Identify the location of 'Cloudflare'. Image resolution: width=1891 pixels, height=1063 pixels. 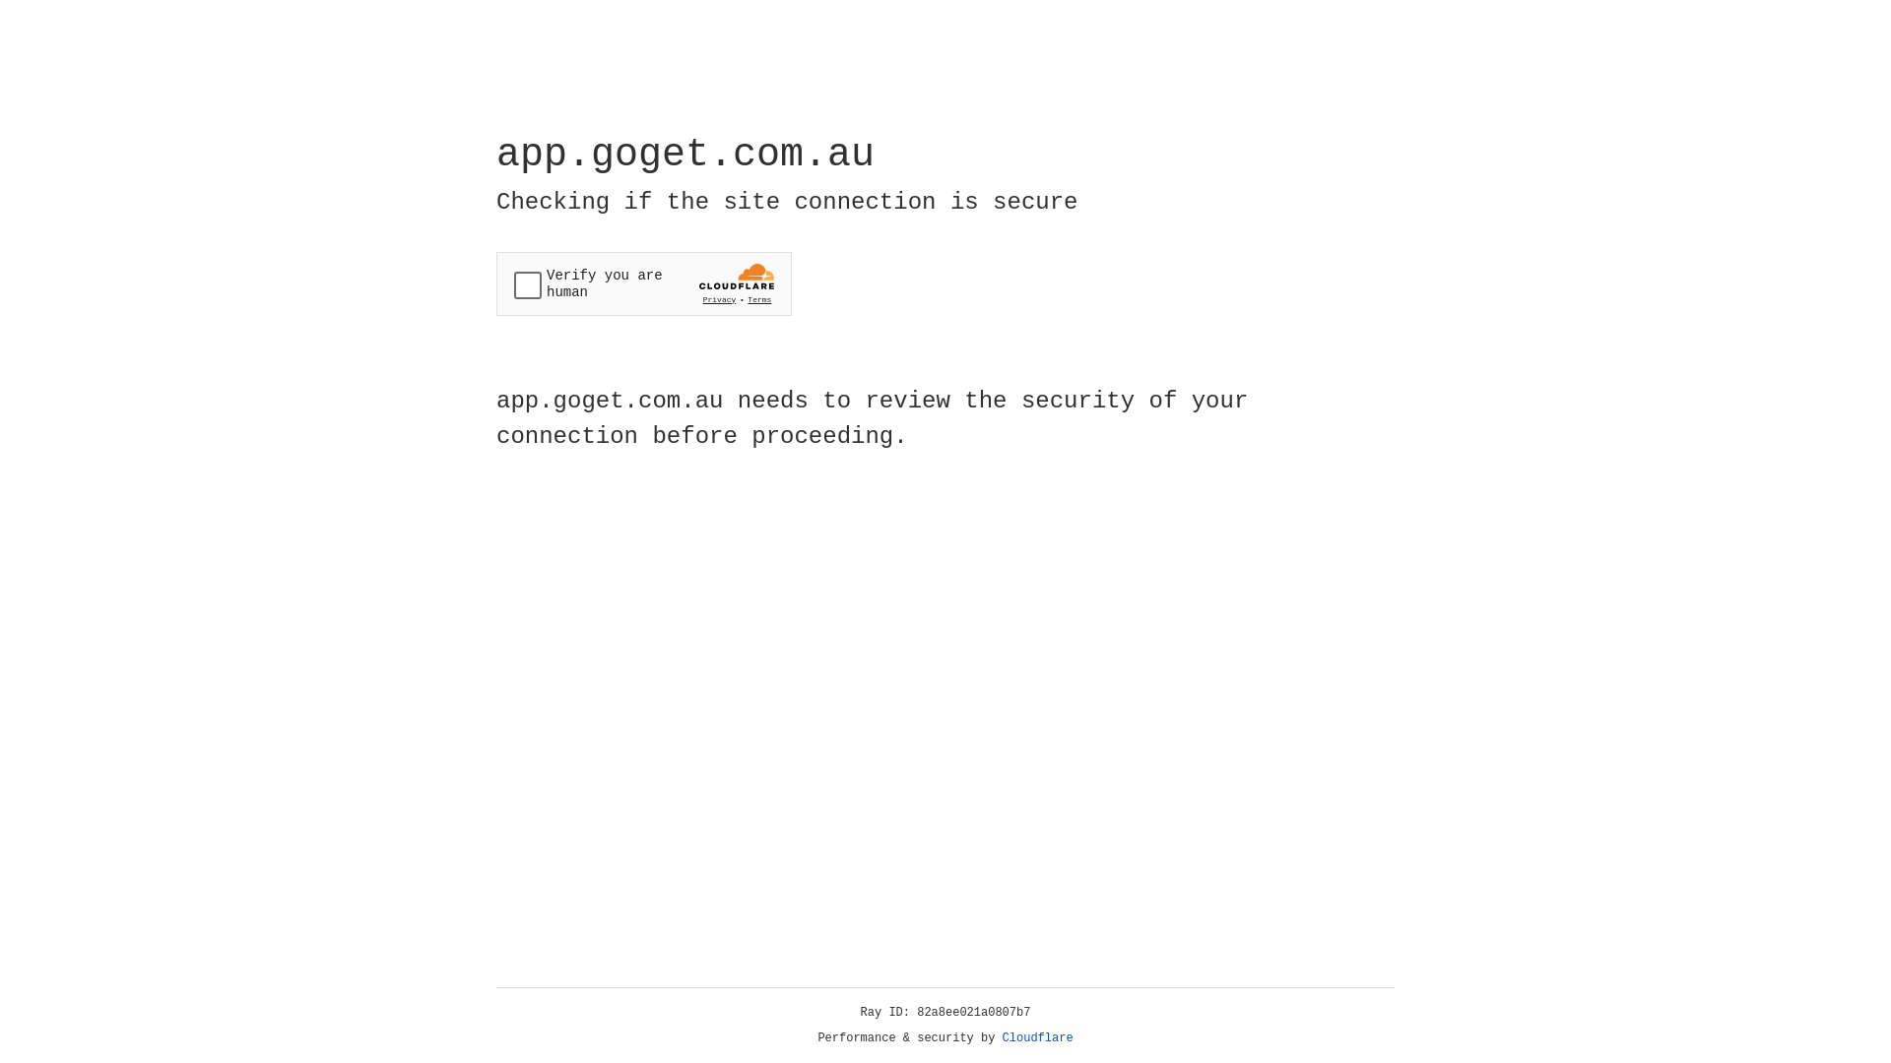
(1002, 1037).